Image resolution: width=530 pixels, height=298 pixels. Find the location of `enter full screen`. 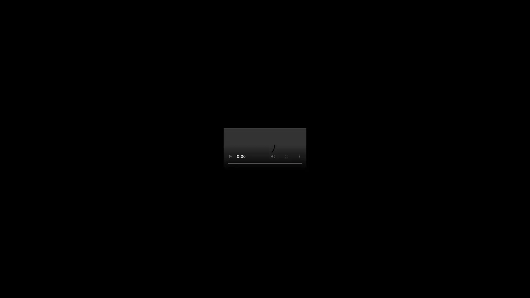

enter full screen is located at coordinates (286, 156).